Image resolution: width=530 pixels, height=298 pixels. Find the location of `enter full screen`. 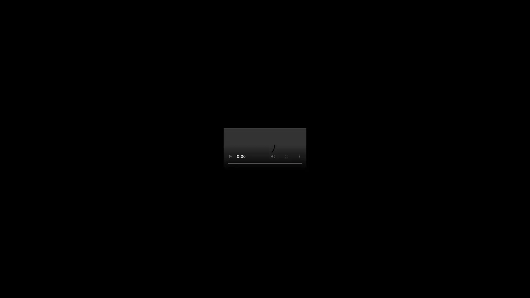

enter full screen is located at coordinates (286, 156).